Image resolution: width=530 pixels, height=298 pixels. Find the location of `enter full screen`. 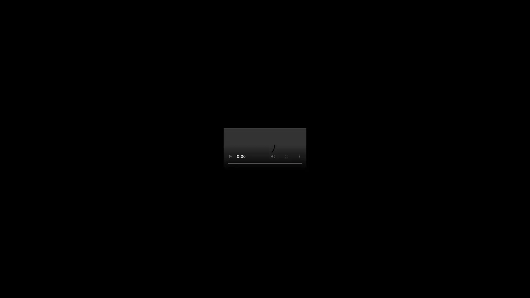

enter full screen is located at coordinates (286, 156).